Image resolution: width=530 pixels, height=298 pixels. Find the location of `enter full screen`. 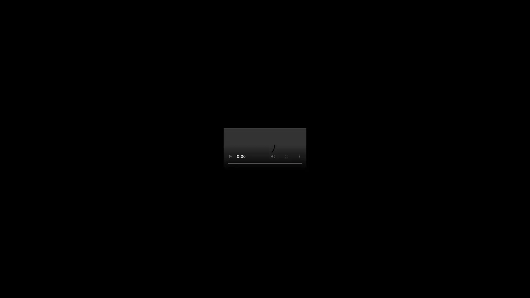

enter full screen is located at coordinates (286, 156).